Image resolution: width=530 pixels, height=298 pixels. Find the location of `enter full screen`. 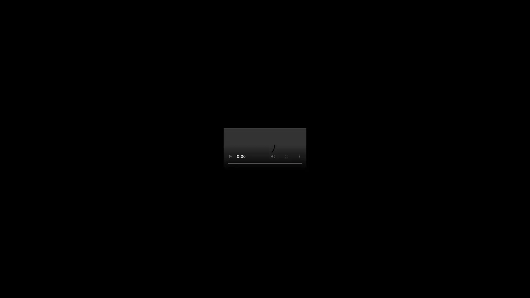

enter full screen is located at coordinates (286, 156).